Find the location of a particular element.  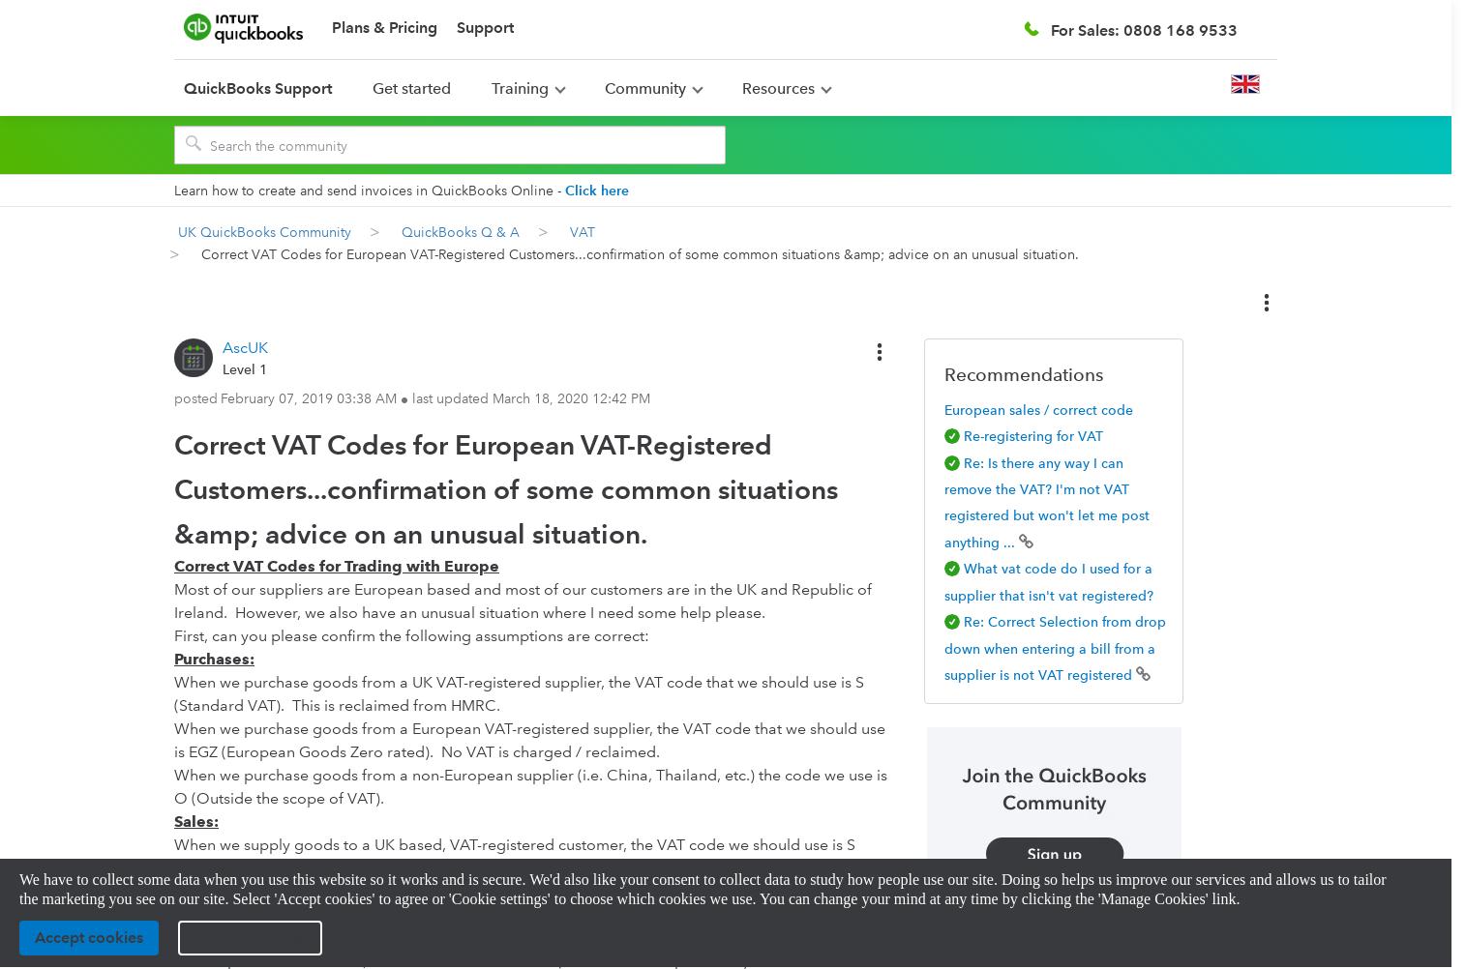

'Level 1' is located at coordinates (221, 367).